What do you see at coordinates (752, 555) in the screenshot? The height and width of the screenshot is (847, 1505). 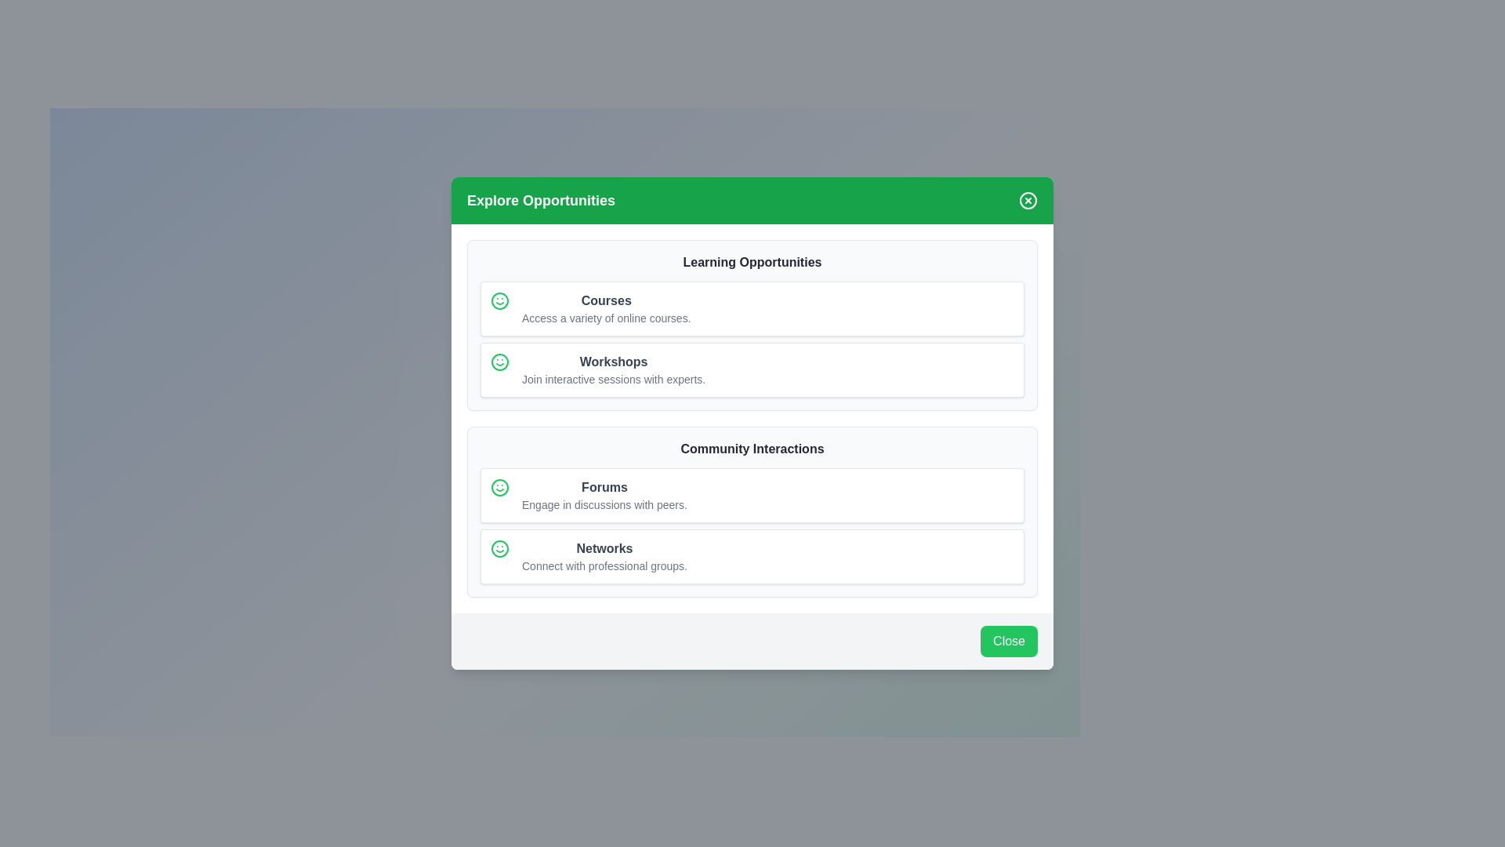 I see `the Card element located in the 'Community Interactions' section, specifically the second card below 'Forums', which provides a descriptive interface for connecting with professional groups` at bounding box center [752, 555].